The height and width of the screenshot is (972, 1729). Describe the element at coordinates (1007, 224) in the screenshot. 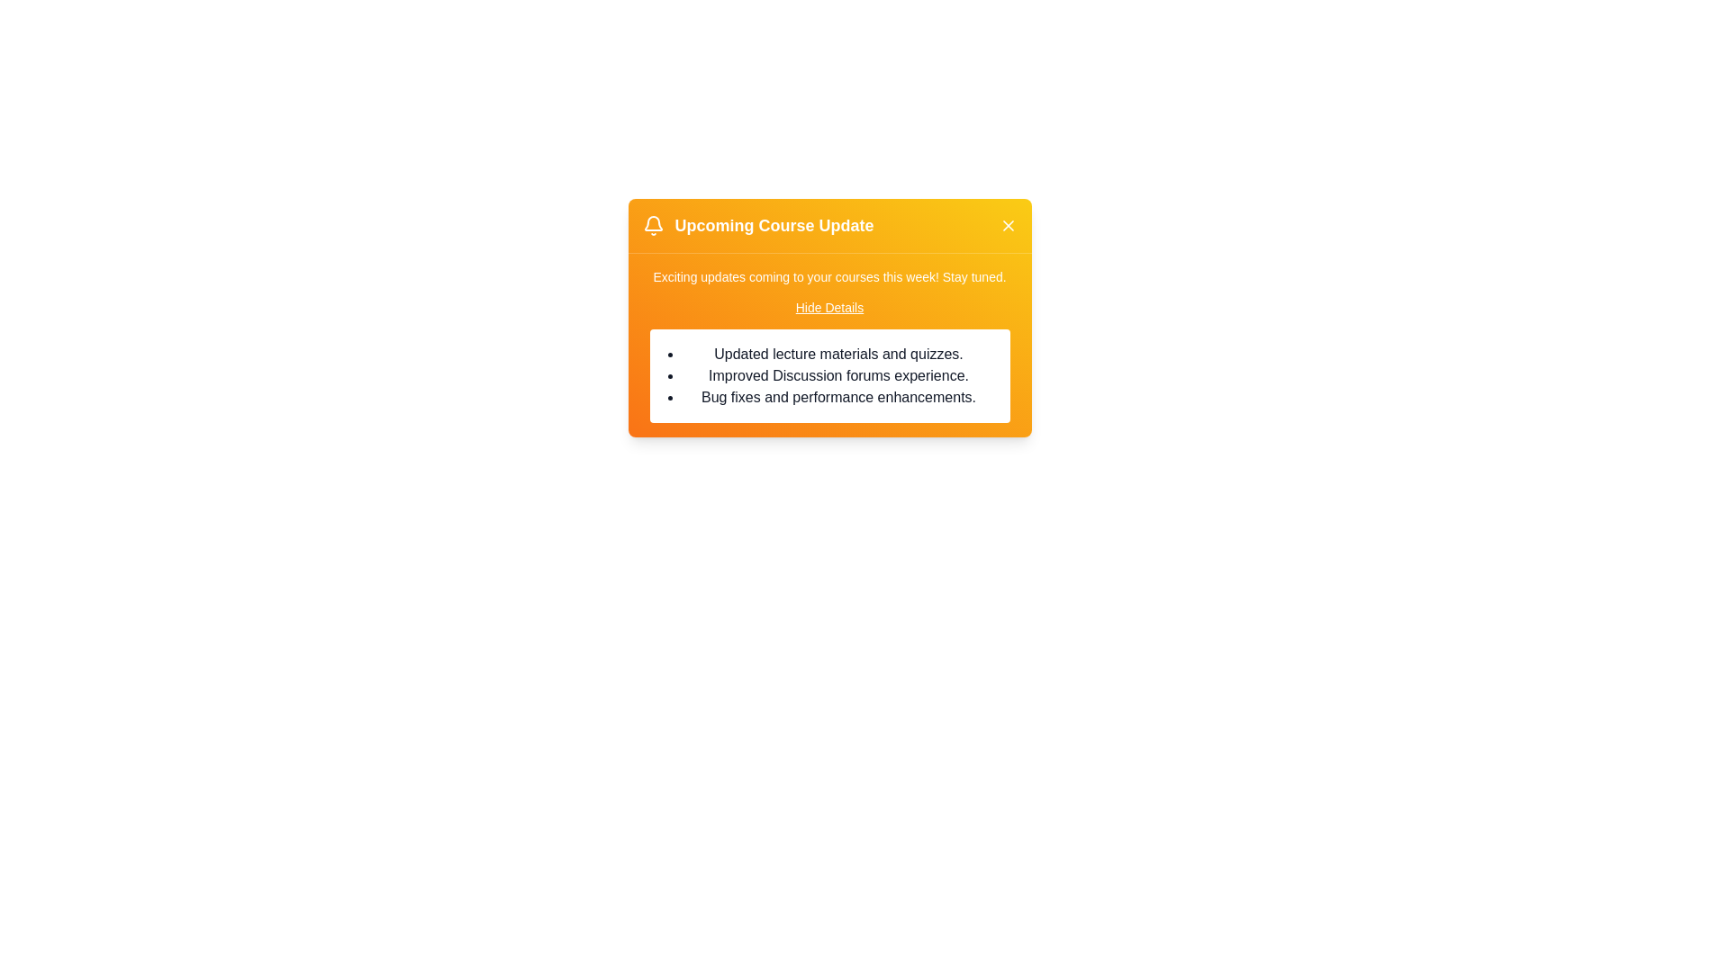

I see `the close button to dismiss the alert` at that location.